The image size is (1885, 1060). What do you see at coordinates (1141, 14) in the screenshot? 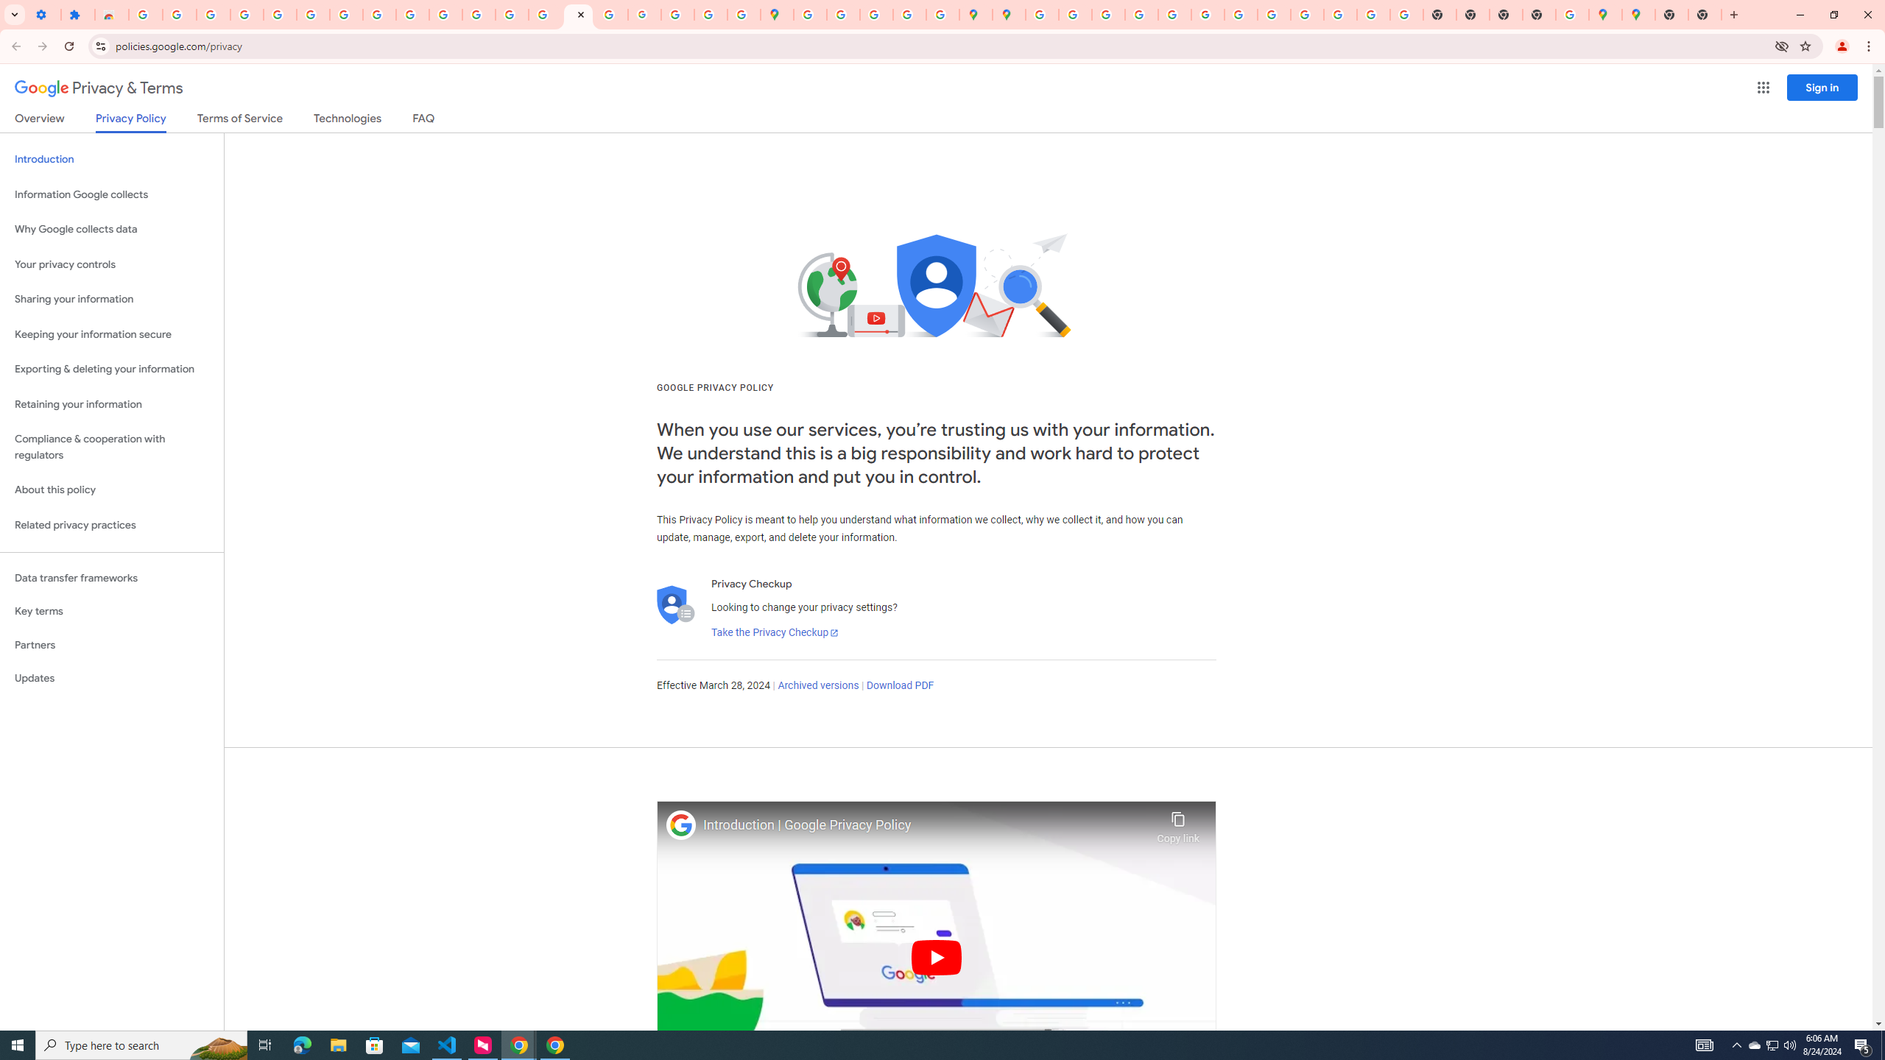
I see `'Privacy Help Center - Policies Help'` at bounding box center [1141, 14].